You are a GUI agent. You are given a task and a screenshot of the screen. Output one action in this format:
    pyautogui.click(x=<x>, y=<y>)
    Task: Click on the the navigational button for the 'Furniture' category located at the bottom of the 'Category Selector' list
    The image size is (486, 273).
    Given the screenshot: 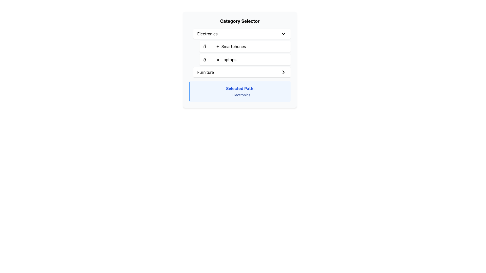 What is the action you would take?
    pyautogui.click(x=241, y=72)
    